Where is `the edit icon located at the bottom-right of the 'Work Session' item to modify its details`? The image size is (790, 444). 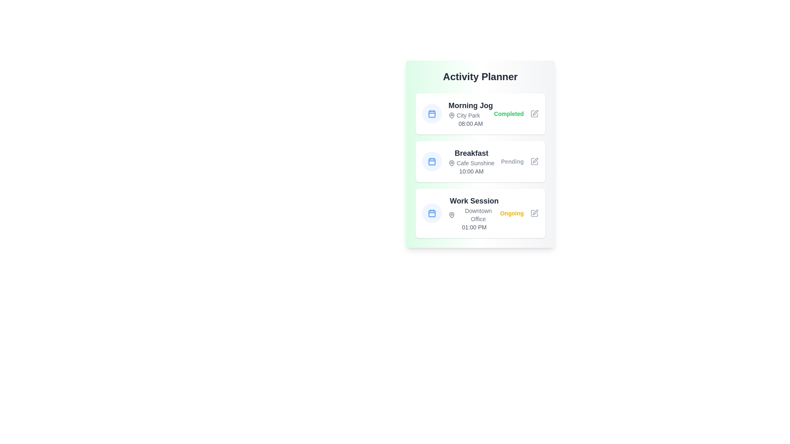 the edit icon located at the bottom-right of the 'Work Session' item to modify its details is located at coordinates (535, 212).